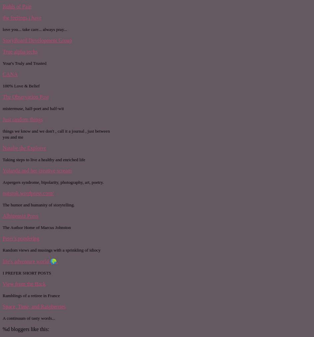  What do you see at coordinates (21, 85) in the screenshot?
I see `'100% Love & Belief'` at bounding box center [21, 85].